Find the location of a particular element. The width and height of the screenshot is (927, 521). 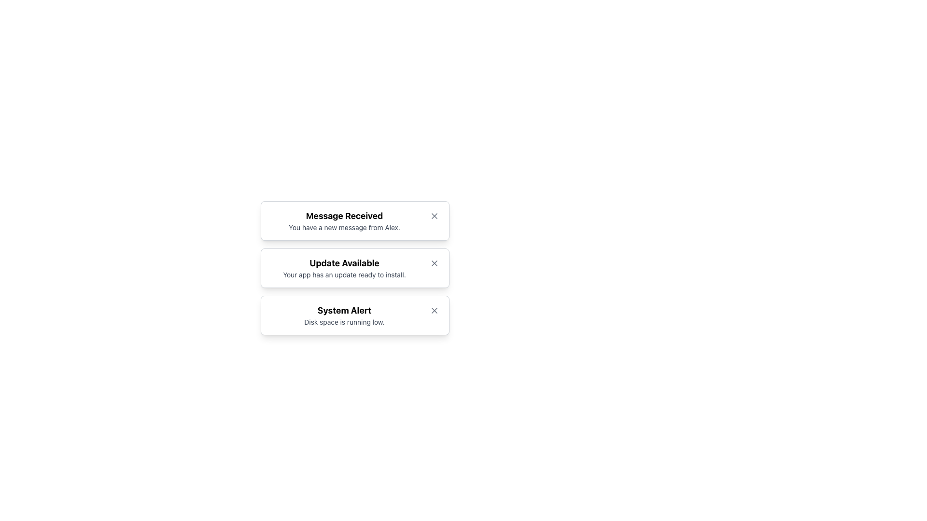

static text element that displays 'Disk space is running low.' positioned beneath the bold 'System Alert' text in the notification box is located at coordinates (344, 322).